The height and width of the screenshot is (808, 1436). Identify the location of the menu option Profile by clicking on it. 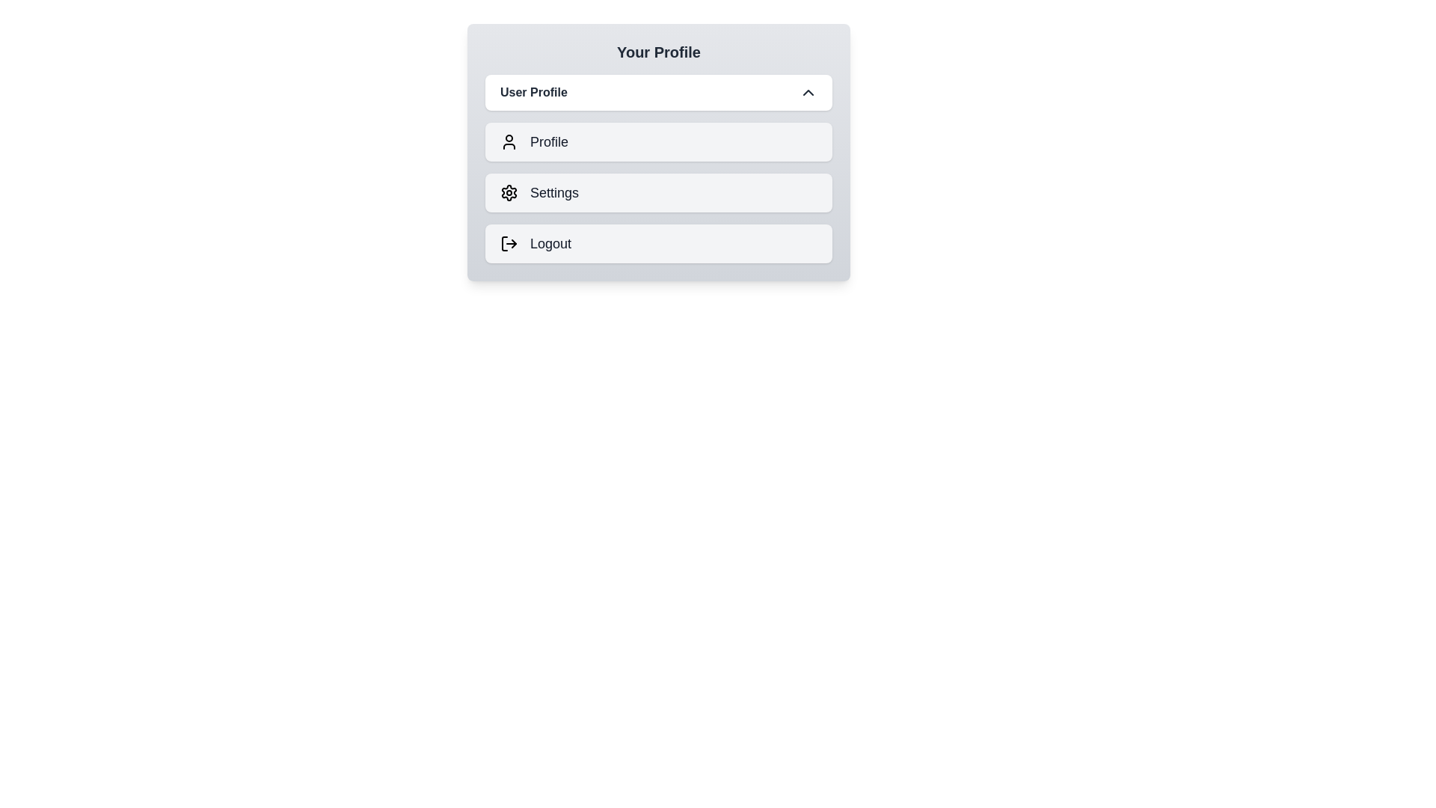
(658, 141).